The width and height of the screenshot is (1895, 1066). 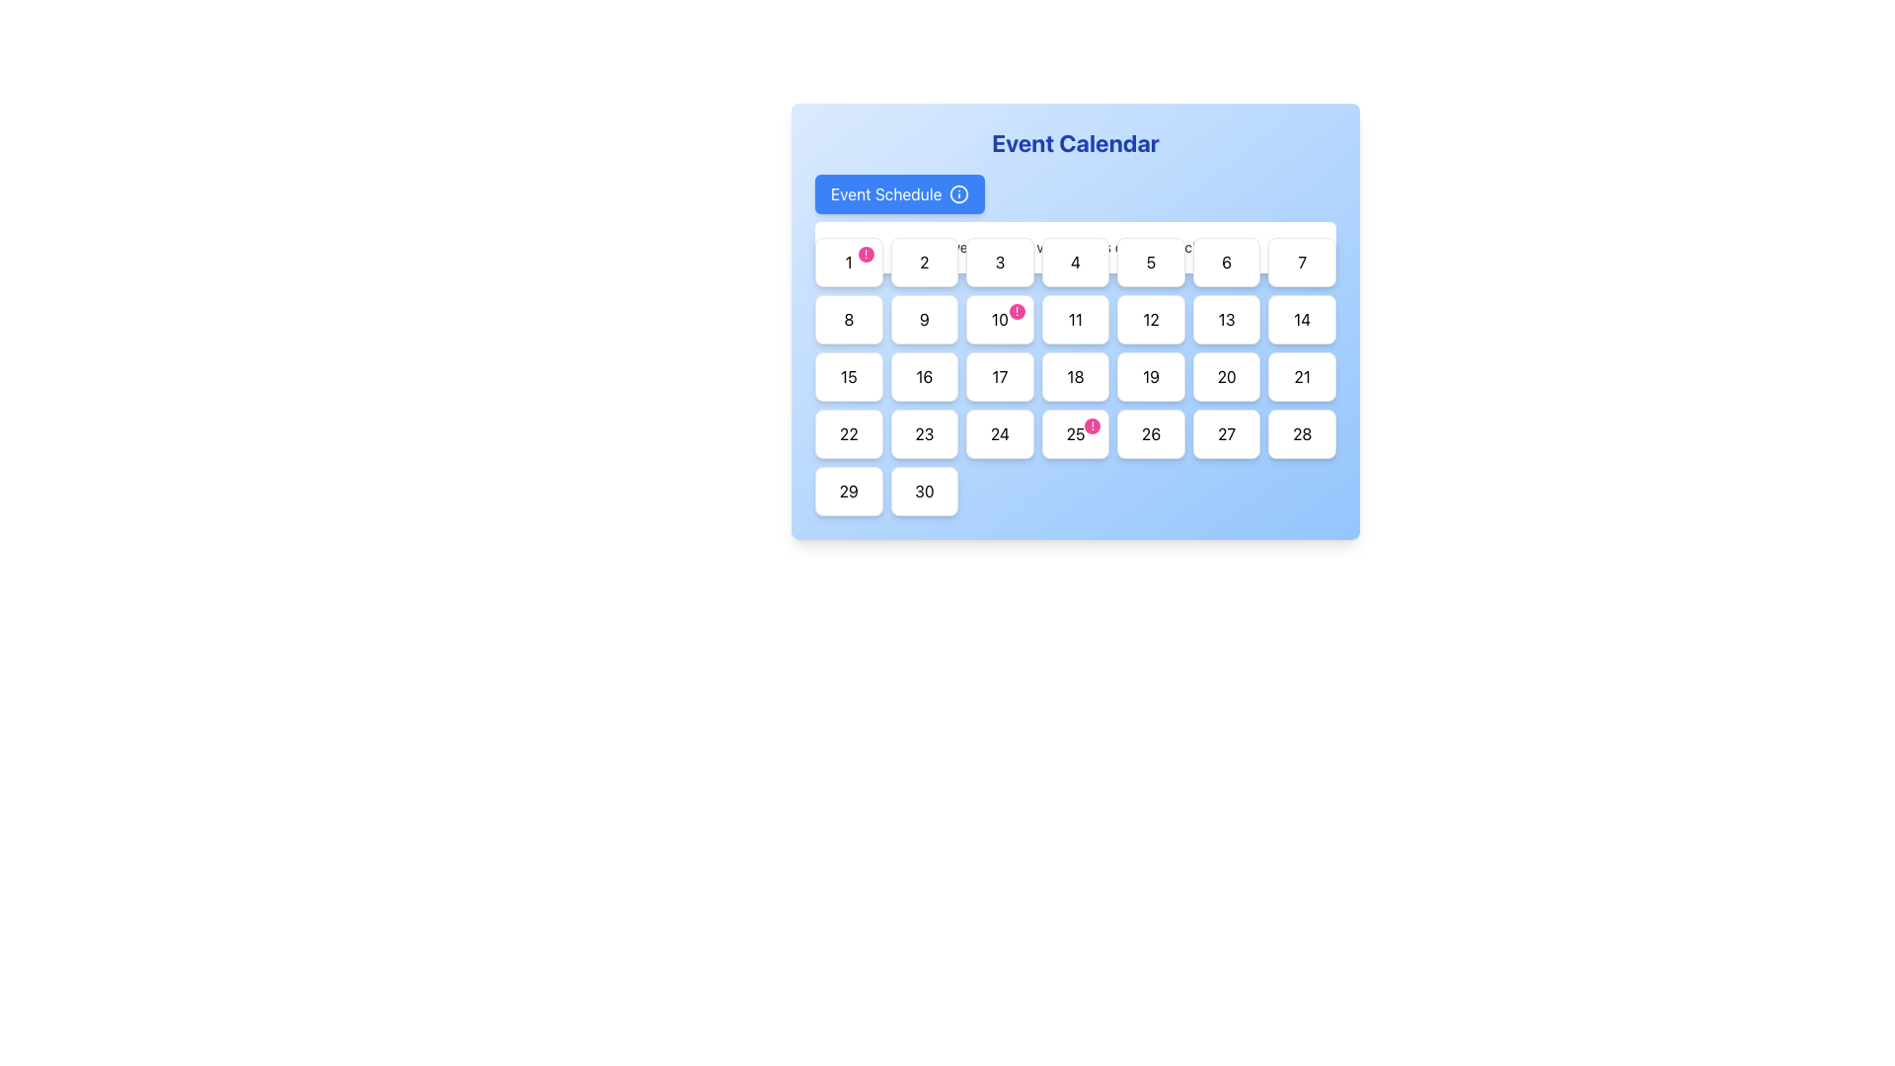 I want to click on the button representing the 12th day in the calendar grid, so click(x=1151, y=319).